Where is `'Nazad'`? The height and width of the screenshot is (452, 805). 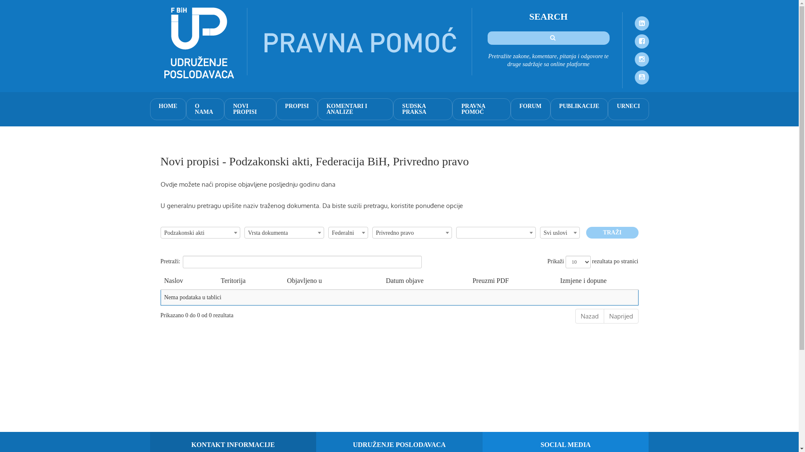 'Nazad' is located at coordinates (589, 316).